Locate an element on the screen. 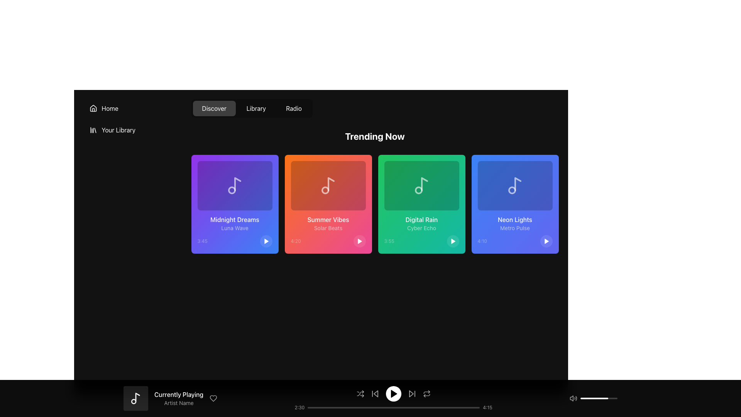  the 'Trending Now' text label, which is styled in bold and large font at the top center of the dark themed interface is located at coordinates (375, 136).